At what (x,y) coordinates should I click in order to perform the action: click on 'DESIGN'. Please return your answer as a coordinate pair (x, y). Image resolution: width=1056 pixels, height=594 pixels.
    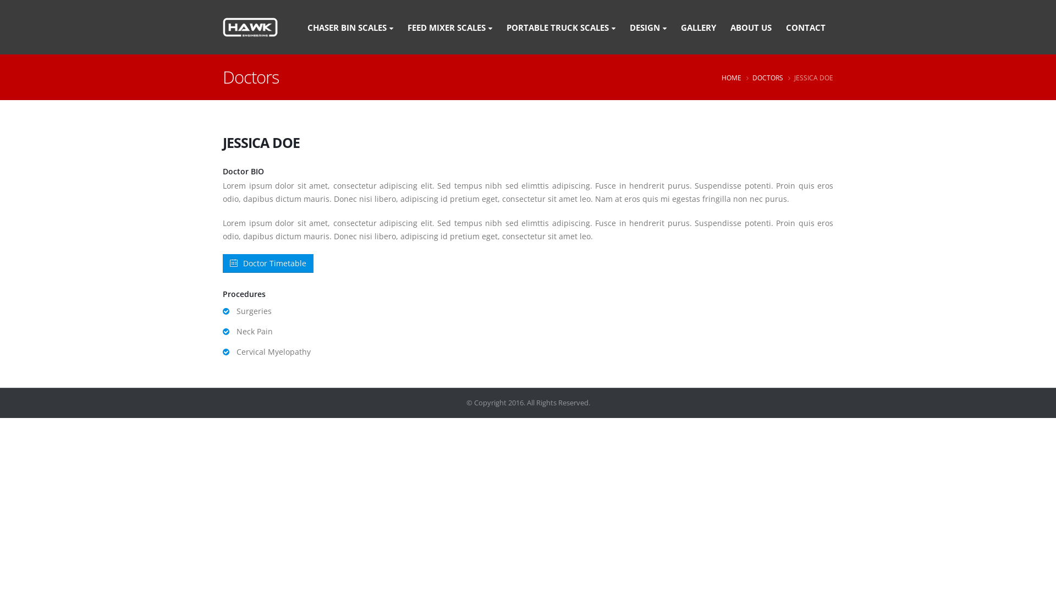
    Looking at the image, I should click on (648, 26).